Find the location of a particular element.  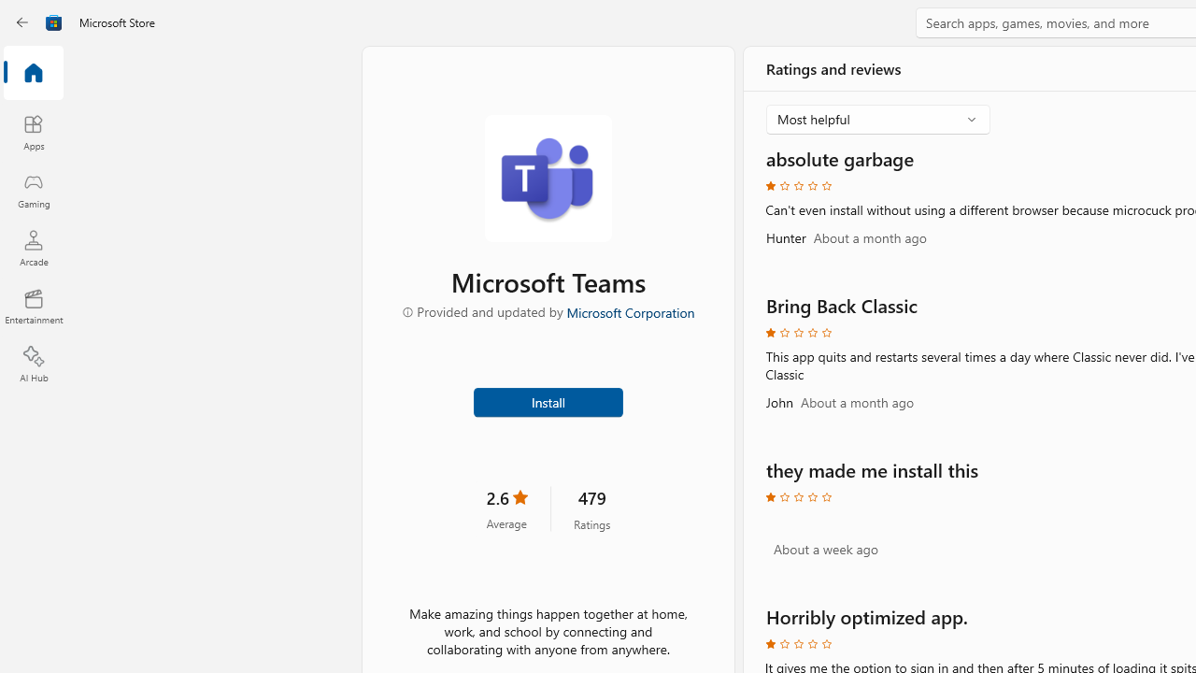

'AI Hub' is located at coordinates (33, 365).